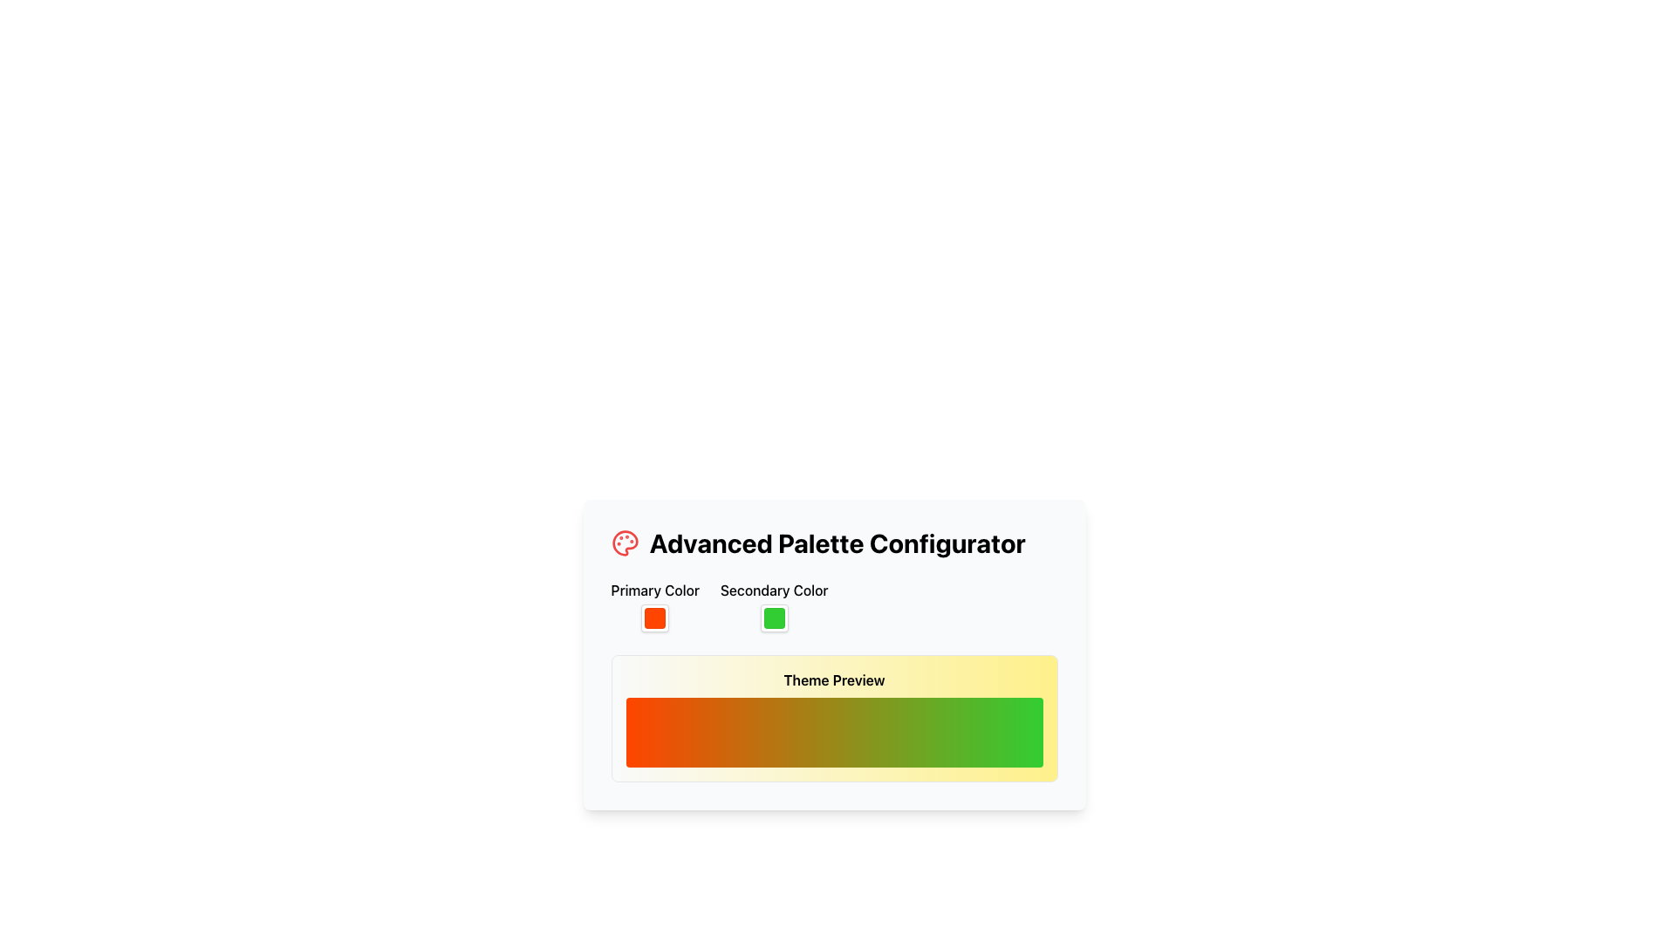 Image resolution: width=1675 pixels, height=942 pixels. I want to click on the green color block indicator associated with the label 'Secondary Color', so click(773, 618).